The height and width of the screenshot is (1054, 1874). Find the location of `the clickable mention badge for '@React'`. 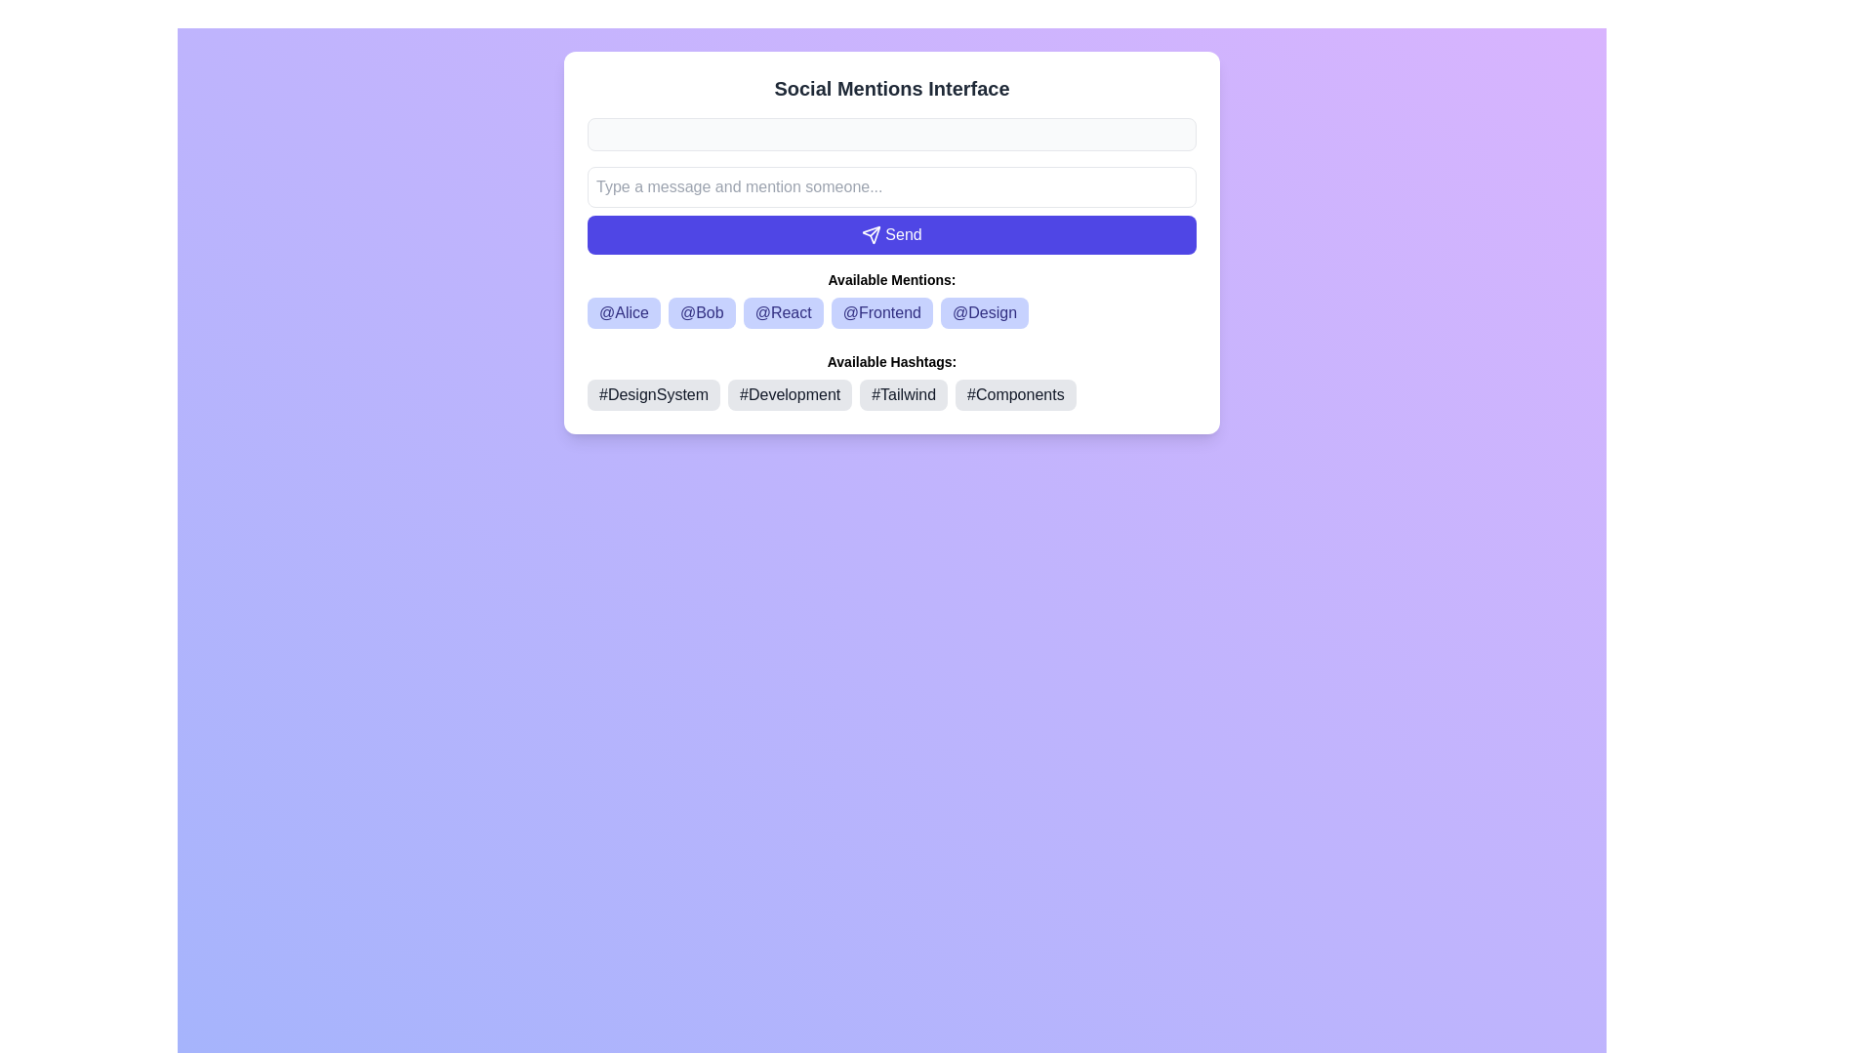

the clickable mention badge for '@React' is located at coordinates (783, 311).